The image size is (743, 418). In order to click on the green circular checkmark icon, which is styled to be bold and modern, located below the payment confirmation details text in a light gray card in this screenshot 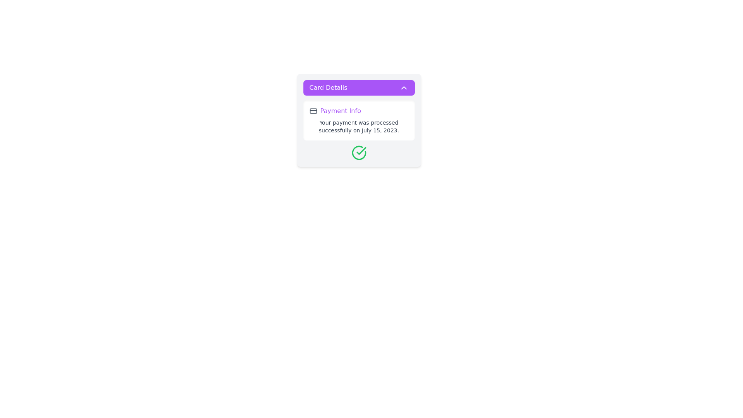, I will do `click(358, 152)`.